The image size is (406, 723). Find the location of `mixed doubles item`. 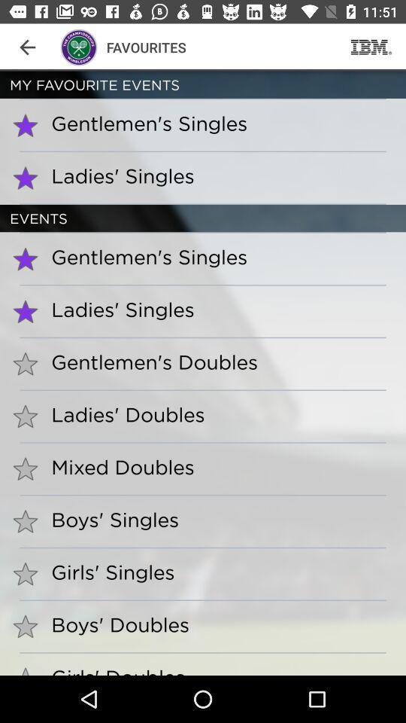

mixed doubles item is located at coordinates (117, 466).